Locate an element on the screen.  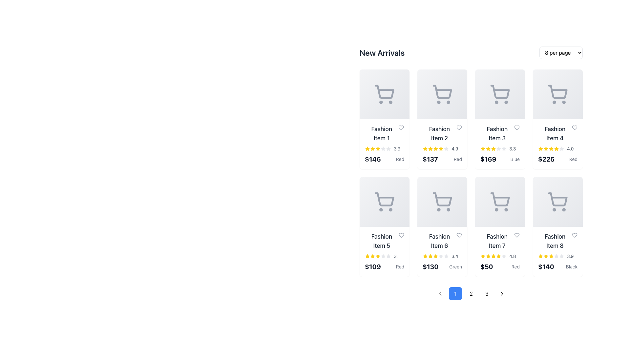
the shopping cart icon located in the fifth item of the first row of the product grid labeled 'Fashion Item 5' is located at coordinates (384, 202).